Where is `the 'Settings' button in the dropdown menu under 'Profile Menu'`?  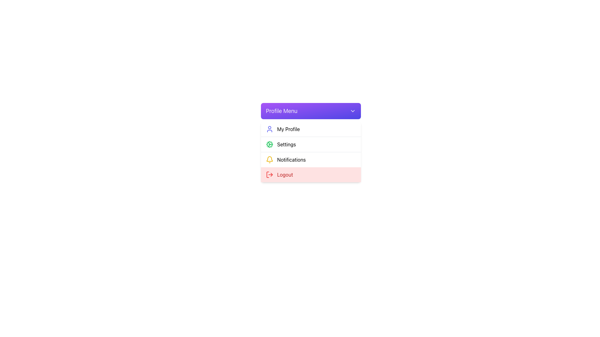 the 'Settings' button in the dropdown menu under 'Profile Menu' is located at coordinates (311, 144).